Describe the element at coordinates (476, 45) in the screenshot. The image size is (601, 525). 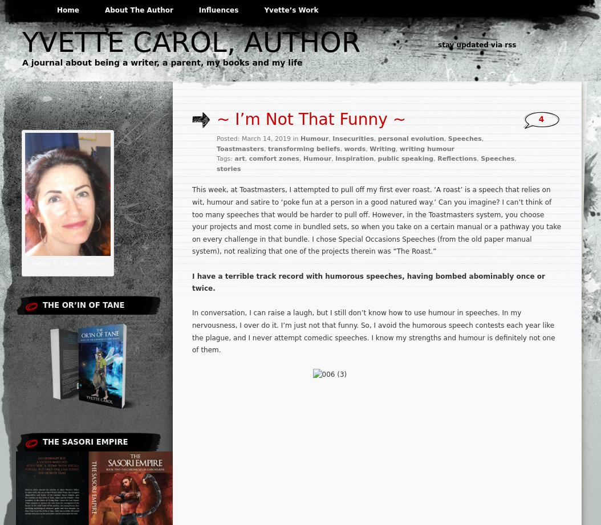
I see `'Stay updated via RSS'` at that location.